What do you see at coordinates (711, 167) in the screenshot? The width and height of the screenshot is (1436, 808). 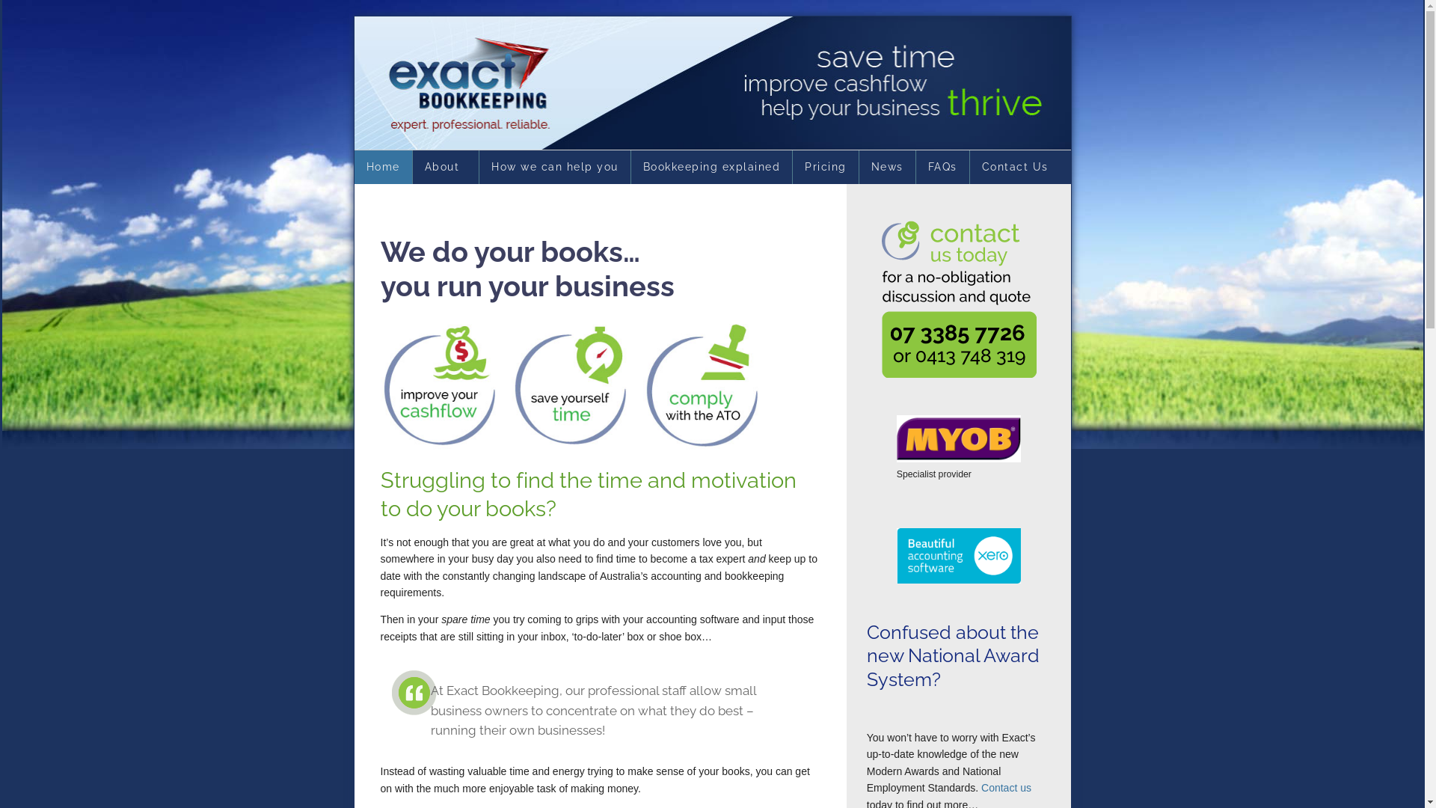 I see `'Bookkeeping explained'` at bounding box center [711, 167].